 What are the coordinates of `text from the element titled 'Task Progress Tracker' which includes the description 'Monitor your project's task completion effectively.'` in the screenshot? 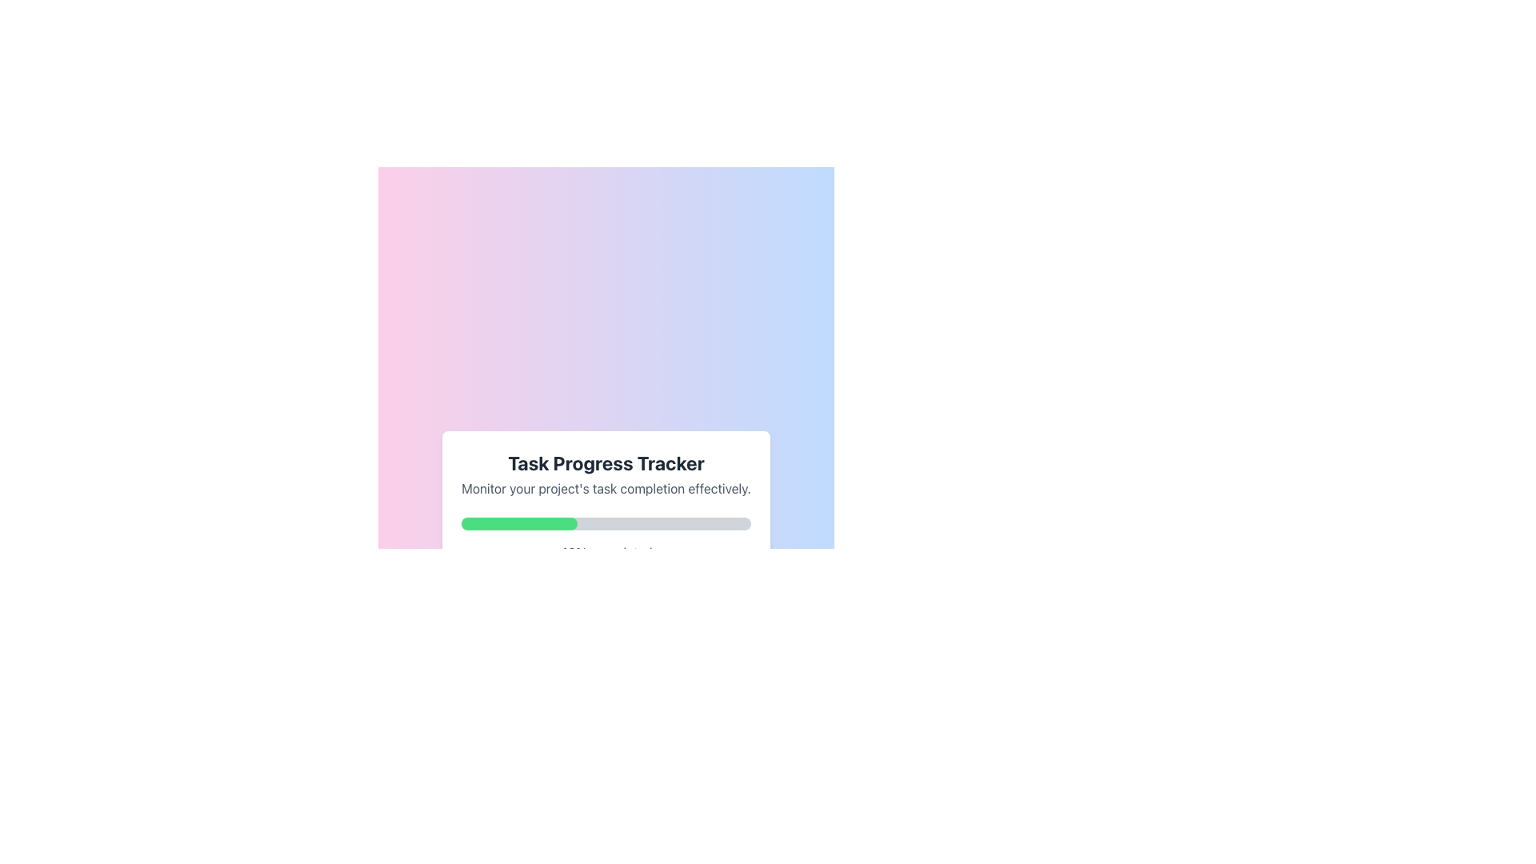 It's located at (606, 474).